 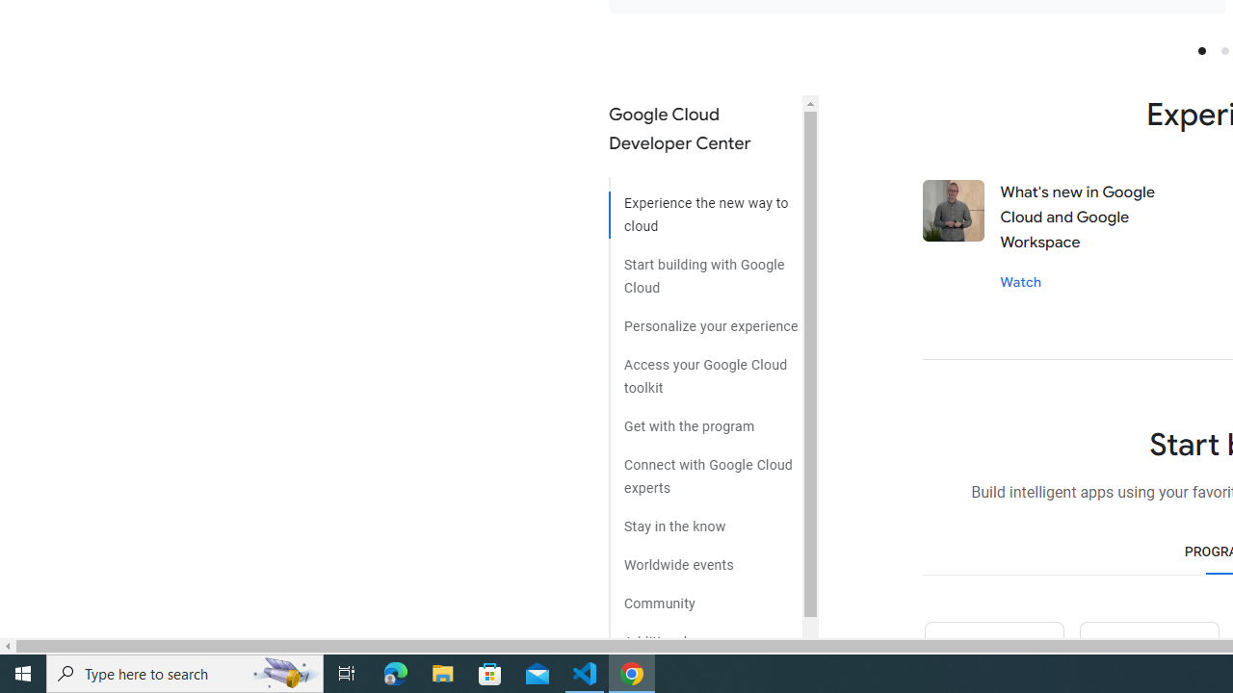 What do you see at coordinates (704, 418) in the screenshot?
I see `'Get with the program'` at bounding box center [704, 418].